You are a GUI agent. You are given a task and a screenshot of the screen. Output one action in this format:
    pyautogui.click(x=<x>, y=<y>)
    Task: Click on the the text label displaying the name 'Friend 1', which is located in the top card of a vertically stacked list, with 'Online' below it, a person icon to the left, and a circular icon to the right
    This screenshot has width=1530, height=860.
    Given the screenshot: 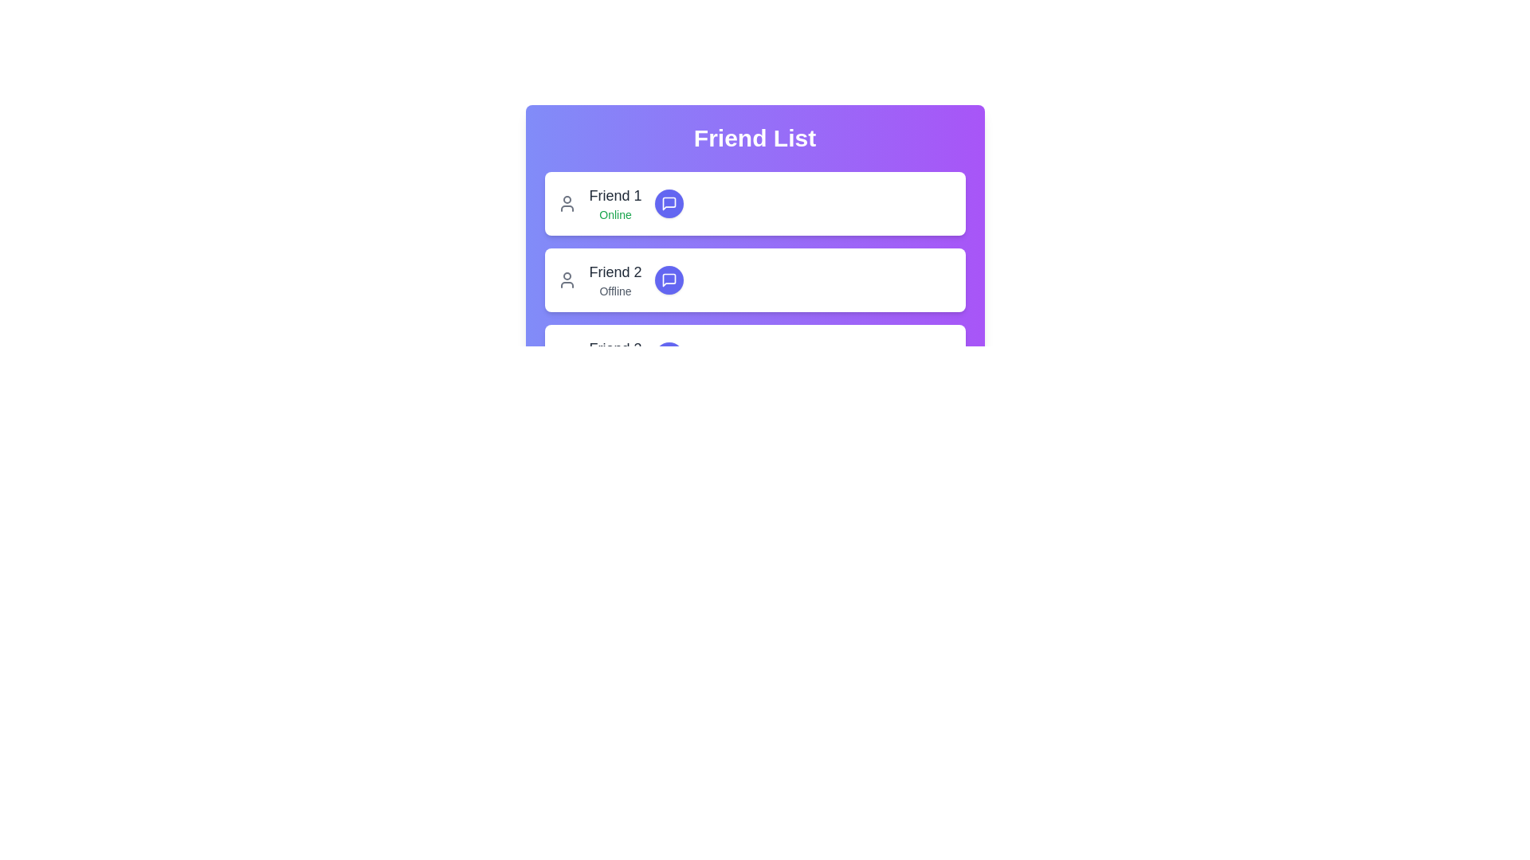 What is the action you would take?
    pyautogui.click(x=614, y=195)
    